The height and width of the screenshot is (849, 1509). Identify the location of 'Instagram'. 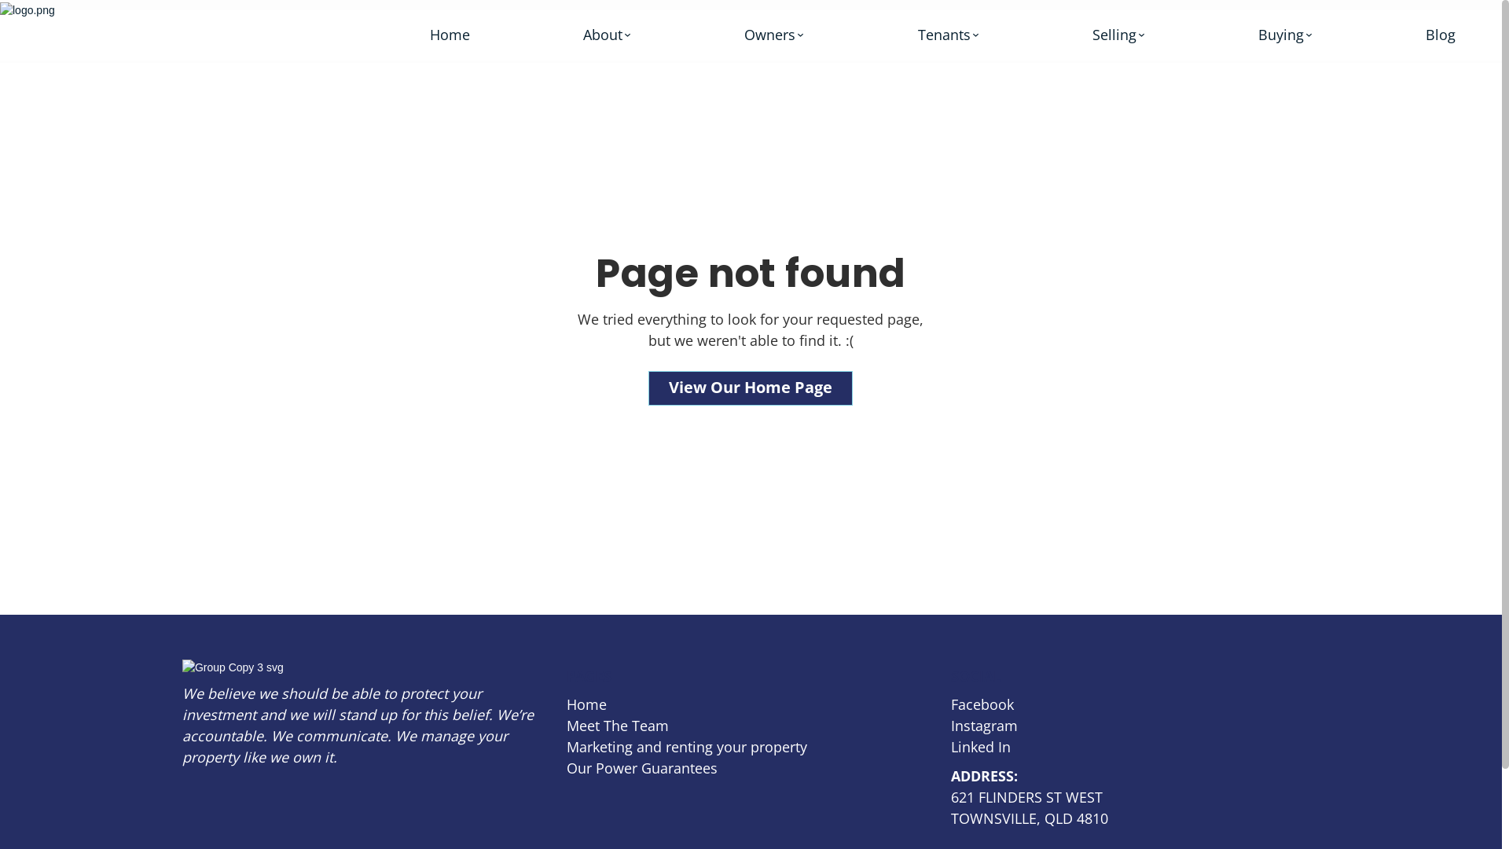
(983, 726).